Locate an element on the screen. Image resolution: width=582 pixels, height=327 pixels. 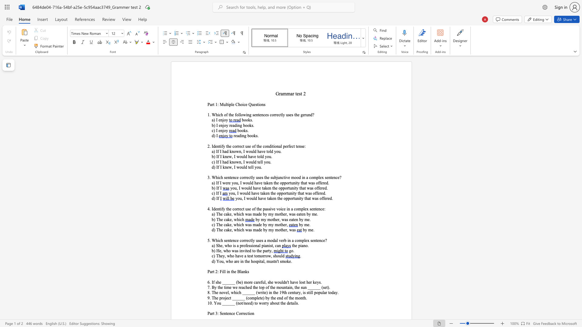
the subset text "ll you." within the text "d) If I knew, I would tell you." is located at coordinates (251, 167).